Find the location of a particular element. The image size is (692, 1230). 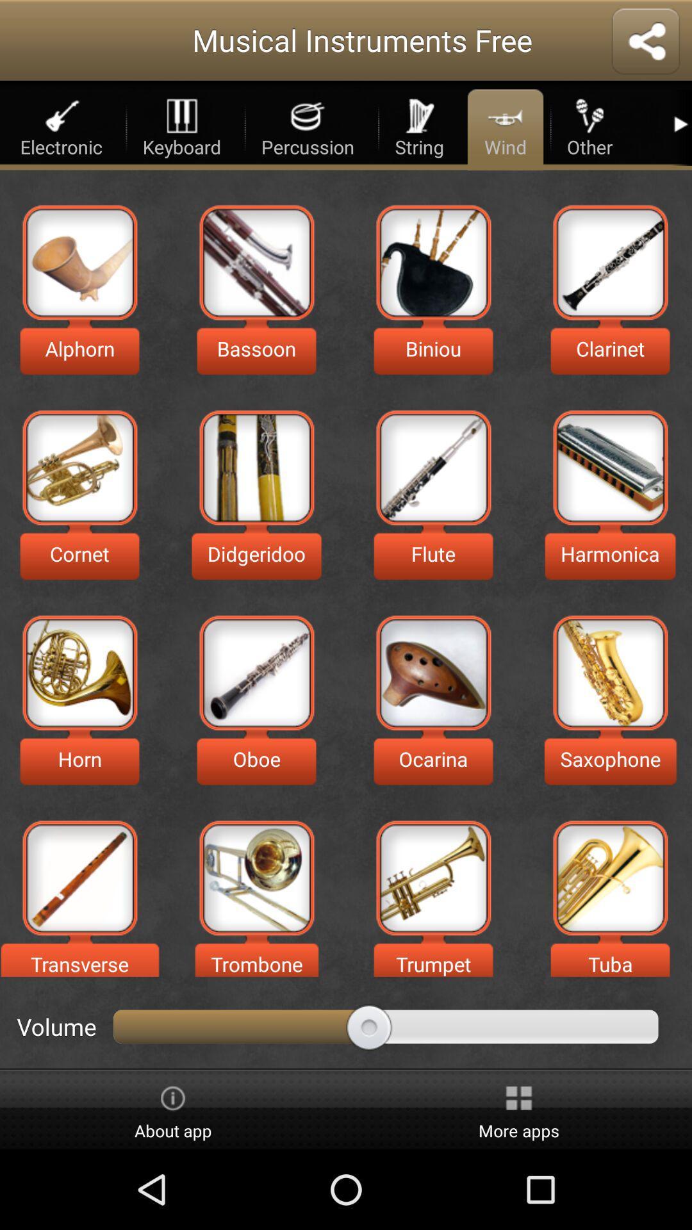

flute option is located at coordinates (432, 467).